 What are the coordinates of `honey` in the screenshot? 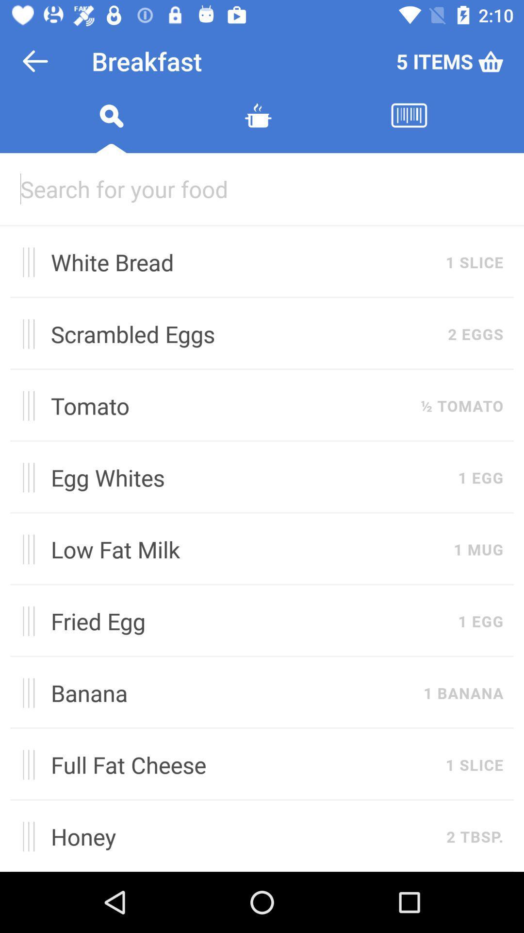 It's located at (243, 836).